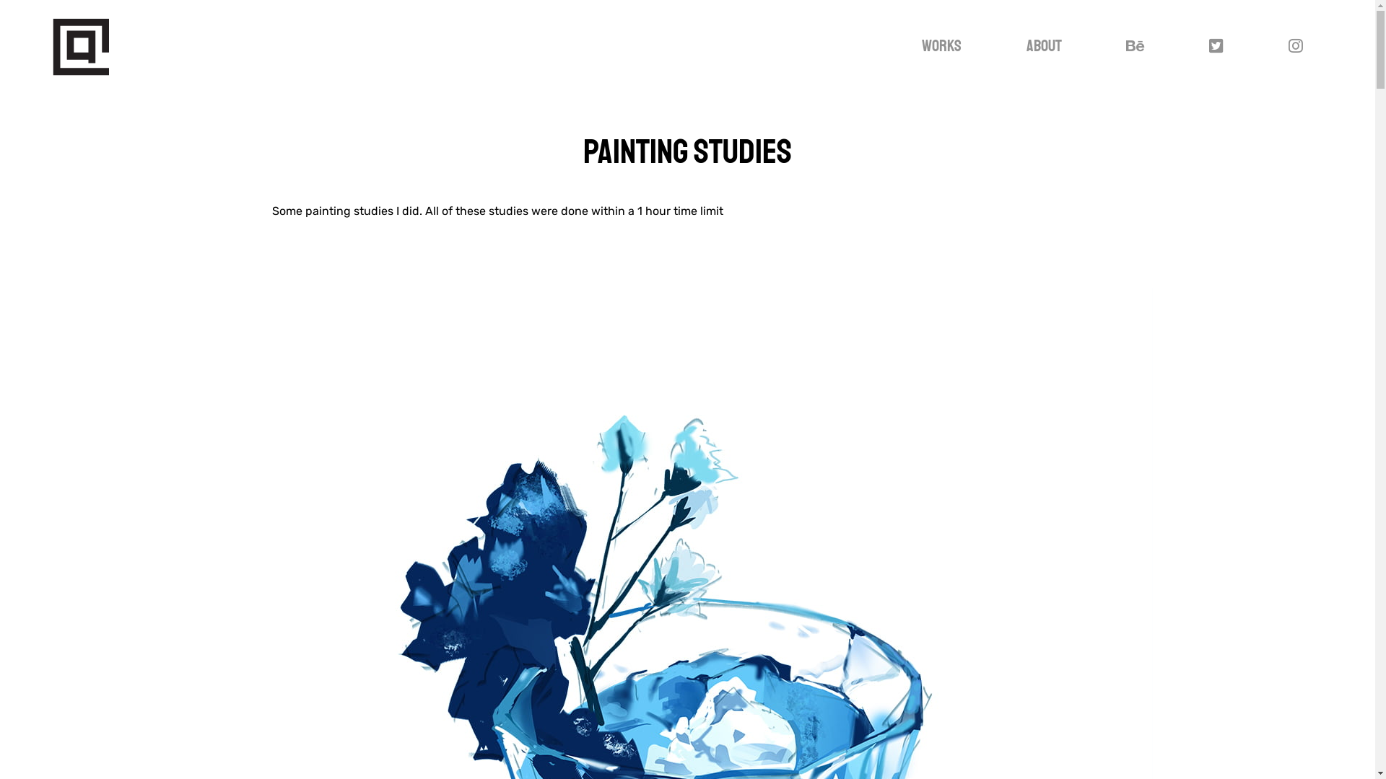 This screenshot has height=779, width=1386. I want to click on 'About', so click(1010, 45).